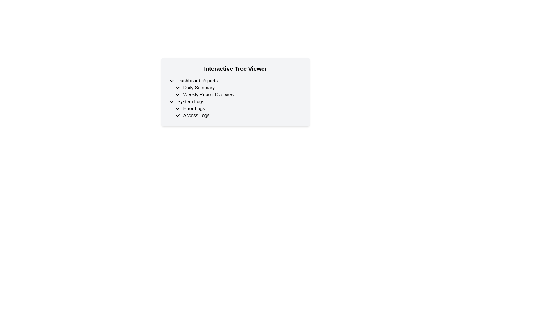  What do you see at coordinates (238, 88) in the screenshot?
I see `the collapsible menu item labeled 'Daily Summary' located within the 'Interactive Tree Viewer' under the 'Dashboard Reports' section` at bounding box center [238, 88].